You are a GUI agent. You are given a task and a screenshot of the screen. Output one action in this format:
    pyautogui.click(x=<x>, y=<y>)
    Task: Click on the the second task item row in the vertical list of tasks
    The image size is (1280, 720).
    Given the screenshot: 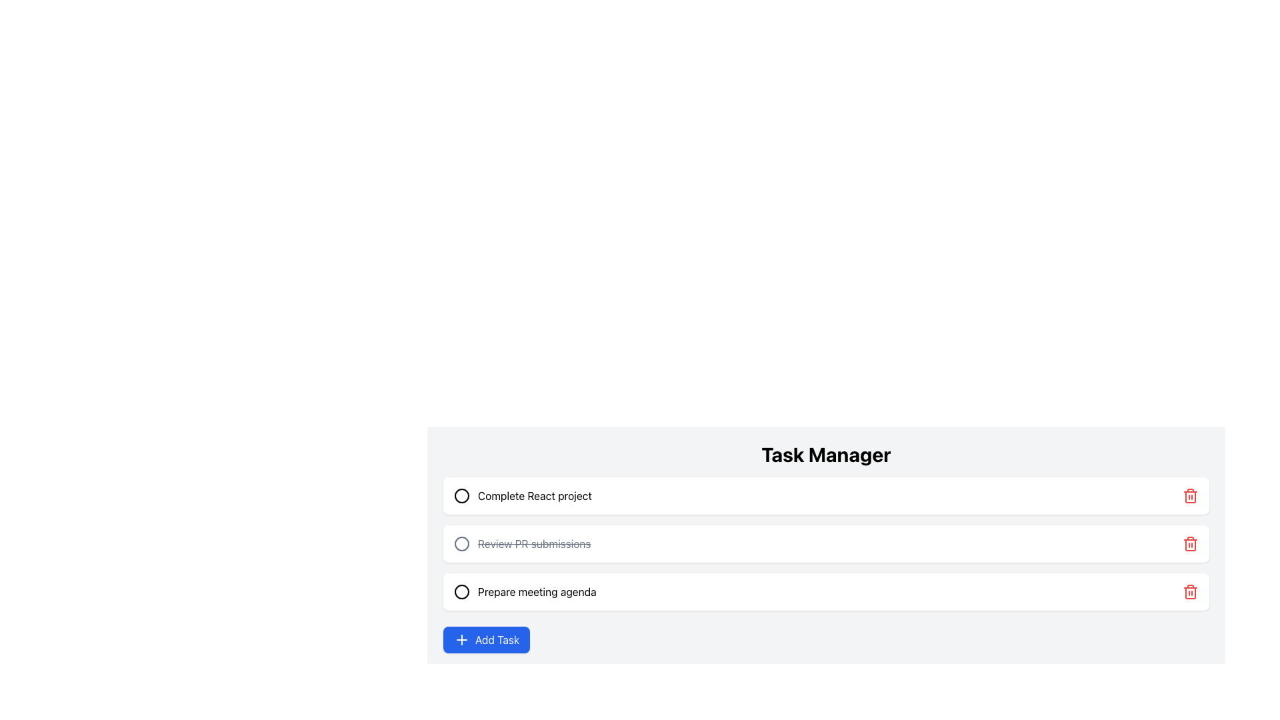 What is the action you would take?
    pyautogui.click(x=825, y=544)
    